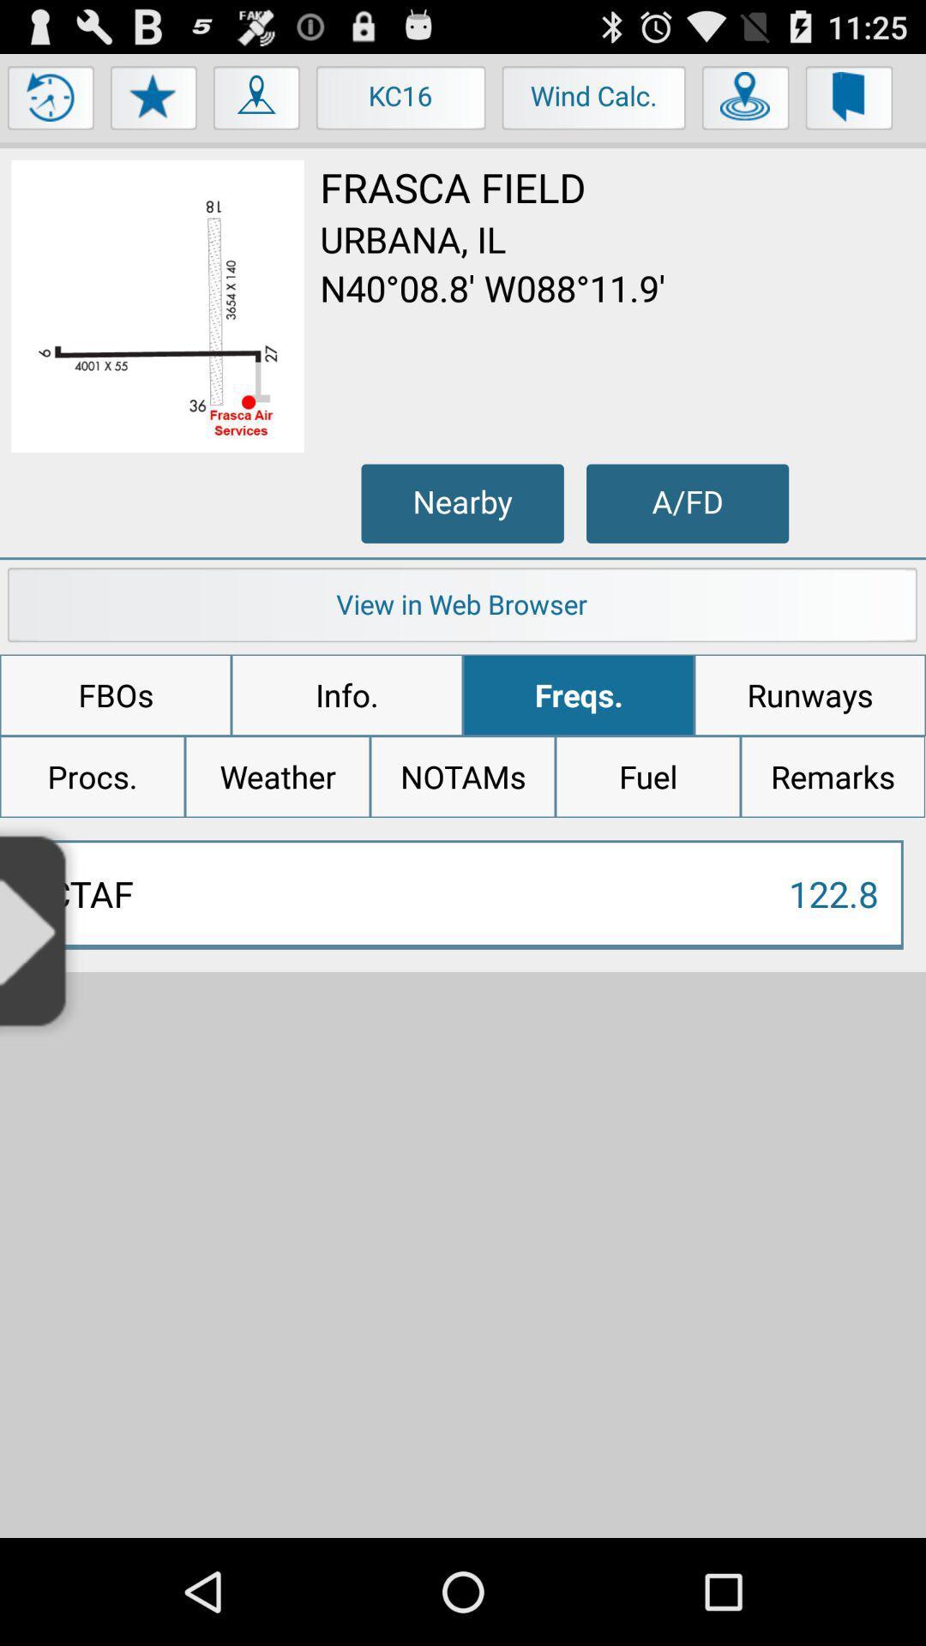  What do you see at coordinates (277, 776) in the screenshot?
I see `item below fbos icon` at bounding box center [277, 776].